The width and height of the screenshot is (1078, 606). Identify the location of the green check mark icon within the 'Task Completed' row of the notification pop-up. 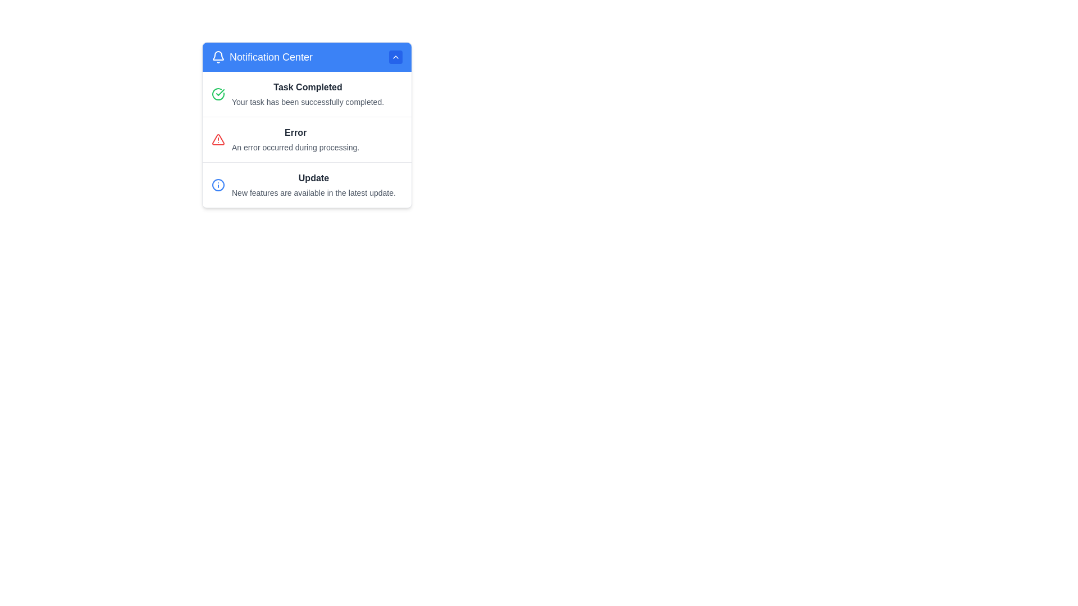
(218, 94).